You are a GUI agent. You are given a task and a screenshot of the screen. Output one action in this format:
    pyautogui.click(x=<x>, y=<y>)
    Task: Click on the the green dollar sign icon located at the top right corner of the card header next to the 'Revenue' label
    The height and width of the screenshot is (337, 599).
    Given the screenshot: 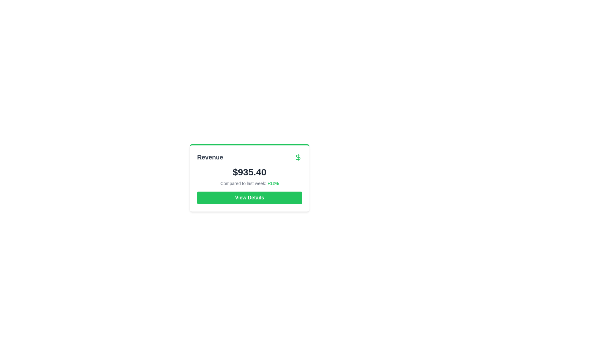 What is the action you would take?
    pyautogui.click(x=298, y=157)
    